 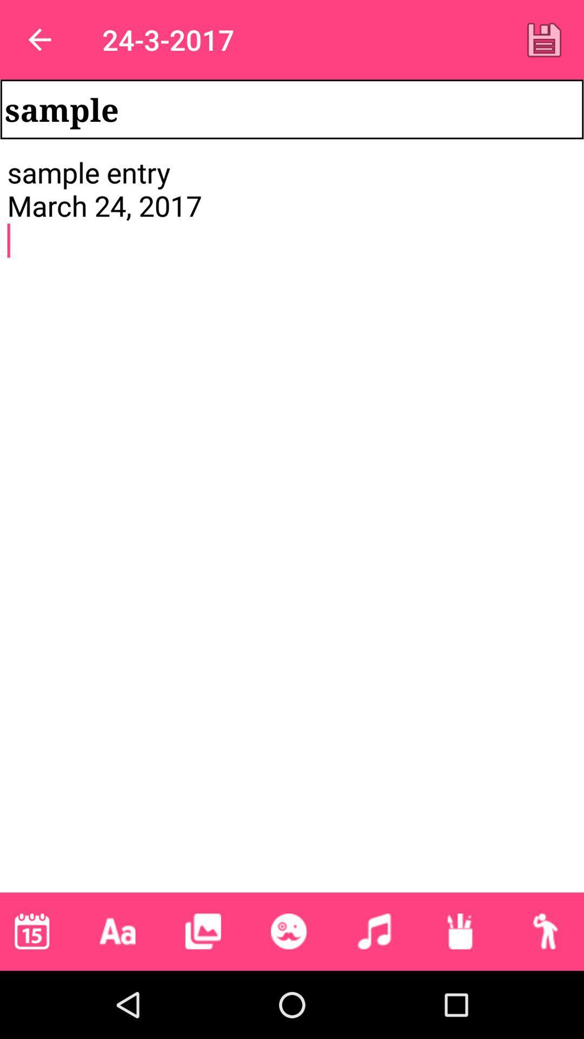 I want to click on the sixth button at the bottom of the page, so click(x=460, y=931).